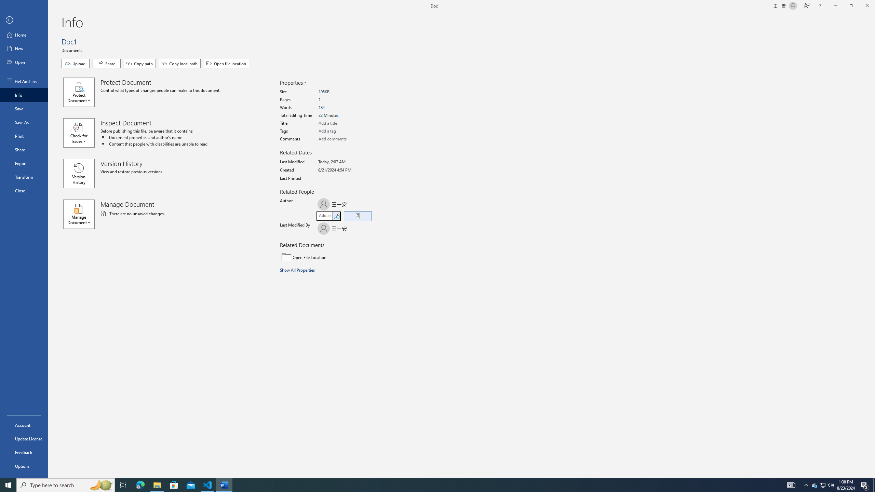 This screenshot has height=492, width=875. I want to click on 'Title', so click(344, 123).